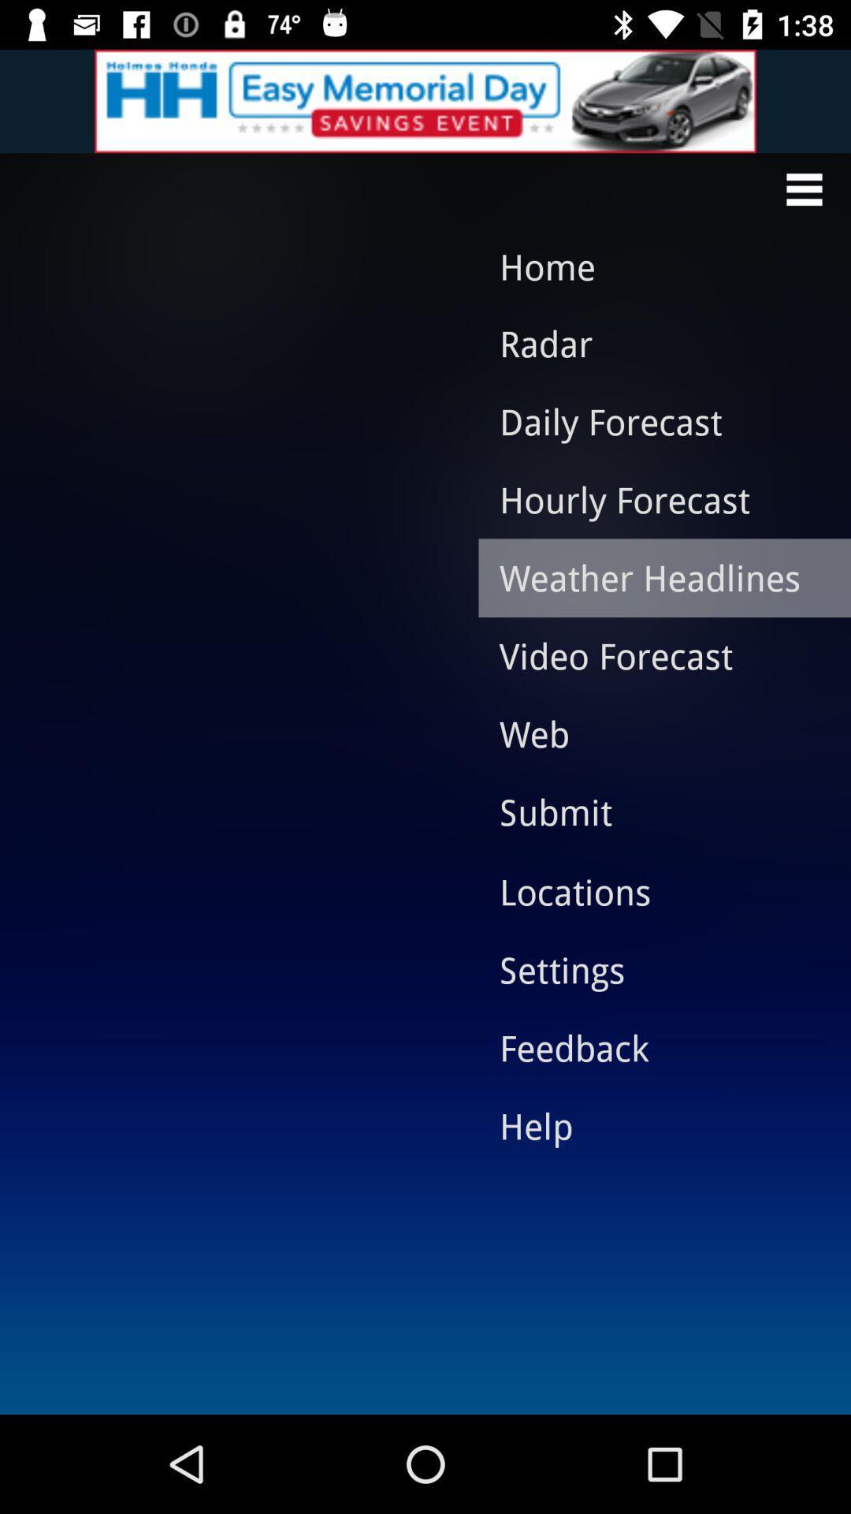  I want to click on home, so click(648, 267).